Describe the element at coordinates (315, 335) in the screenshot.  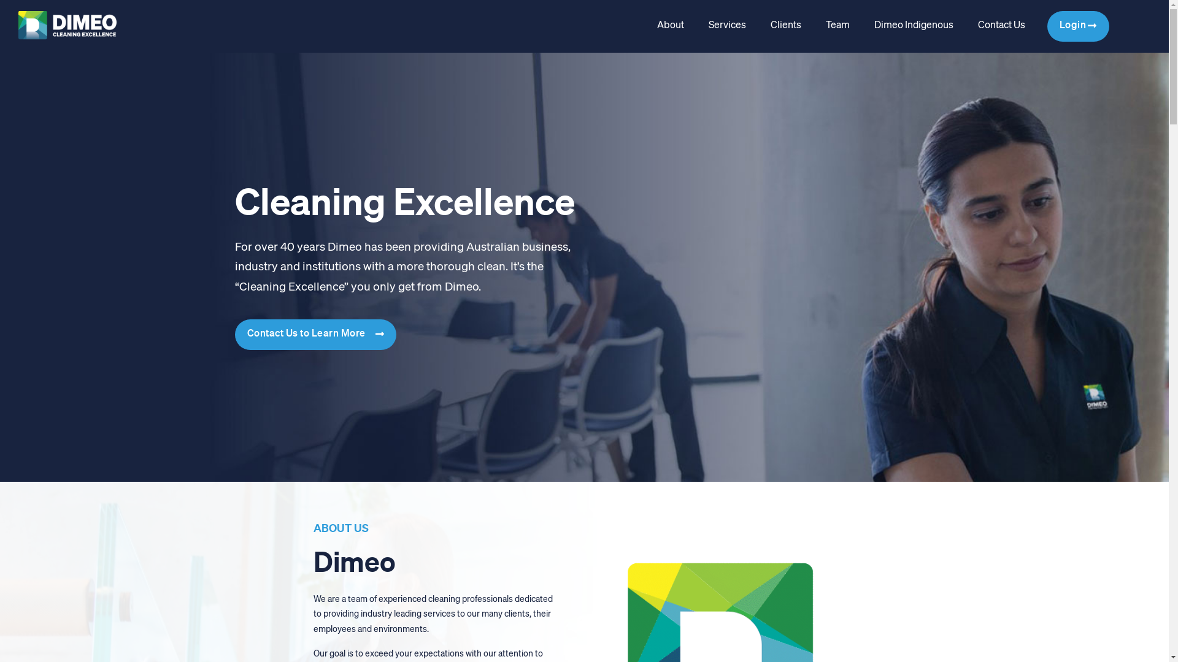
I see `'Contact Us to Learn More'` at that location.